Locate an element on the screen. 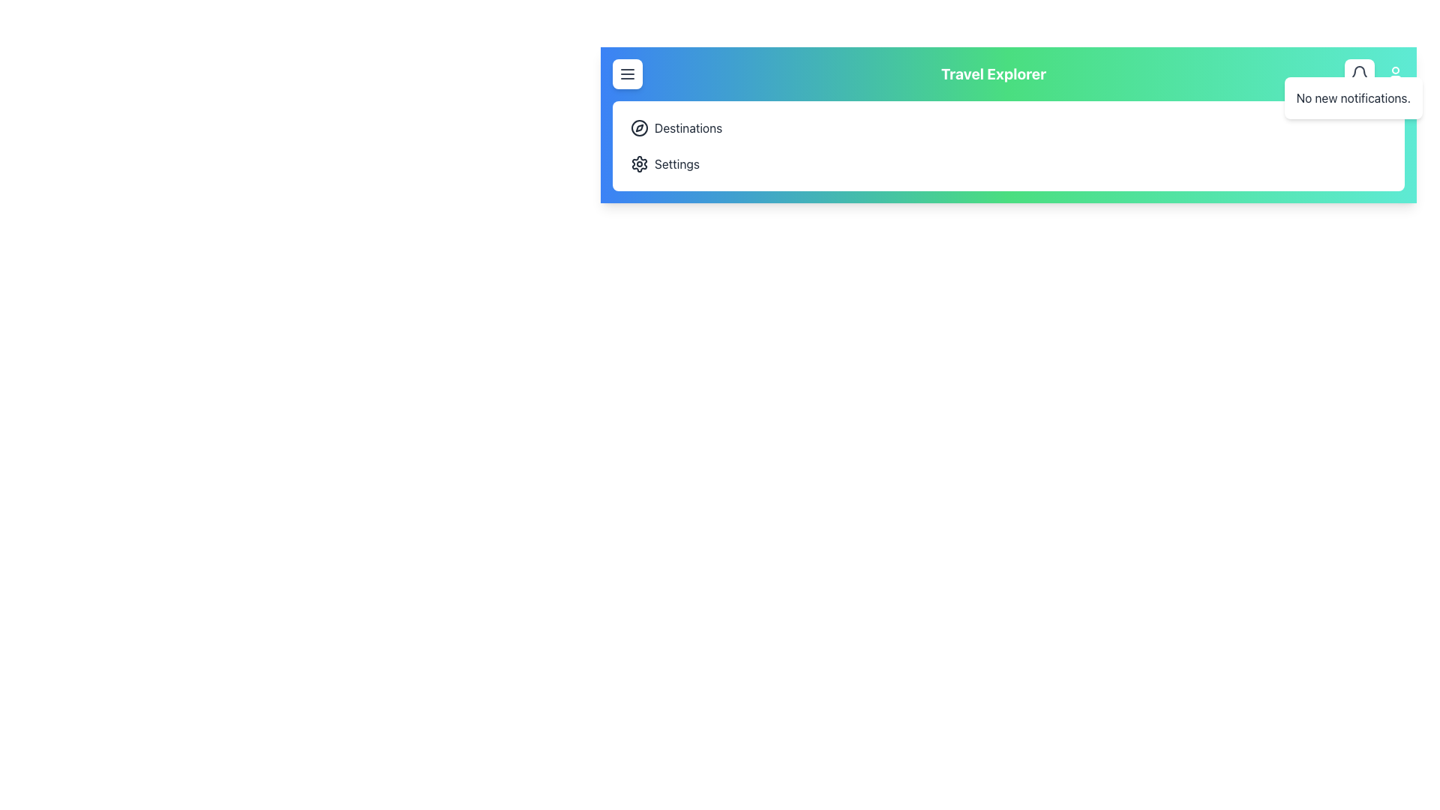 Image resolution: width=1440 pixels, height=810 pixels. the user profile icon located in the top right corner of the interface is located at coordinates (1395, 74).